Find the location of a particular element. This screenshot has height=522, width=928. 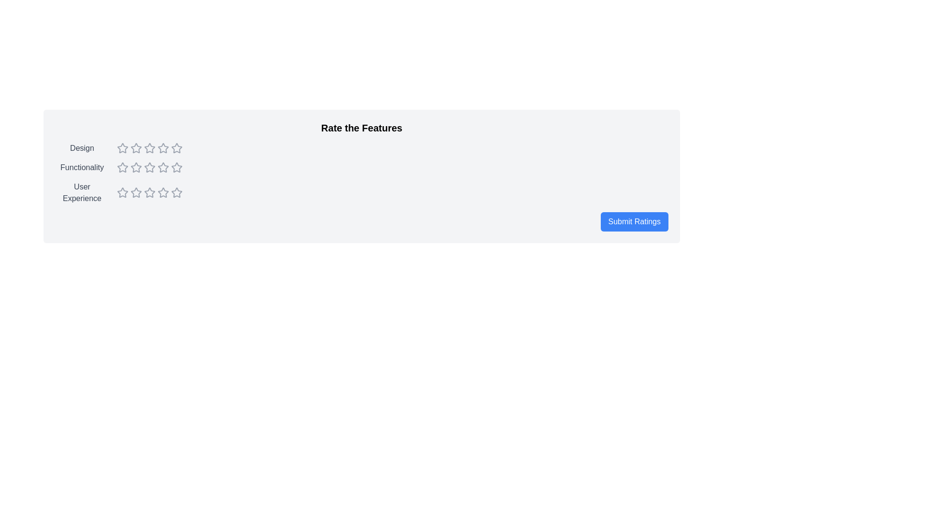

the fourth hollow star-shaped icon in the rating row for 'Design' feedback is located at coordinates (176, 148).